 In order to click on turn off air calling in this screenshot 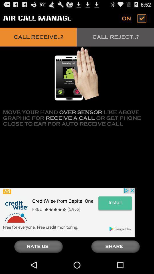, I will do `click(135, 18)`.